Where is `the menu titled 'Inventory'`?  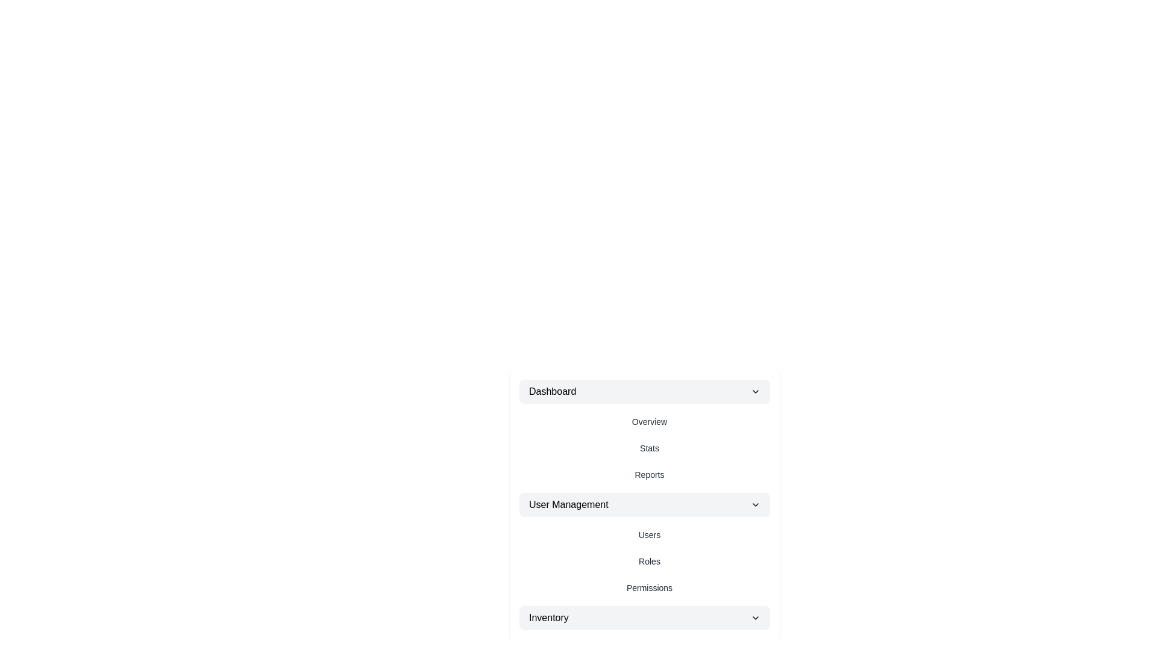
the menu titled 'Inventory' is located at coordinates (644, 617).